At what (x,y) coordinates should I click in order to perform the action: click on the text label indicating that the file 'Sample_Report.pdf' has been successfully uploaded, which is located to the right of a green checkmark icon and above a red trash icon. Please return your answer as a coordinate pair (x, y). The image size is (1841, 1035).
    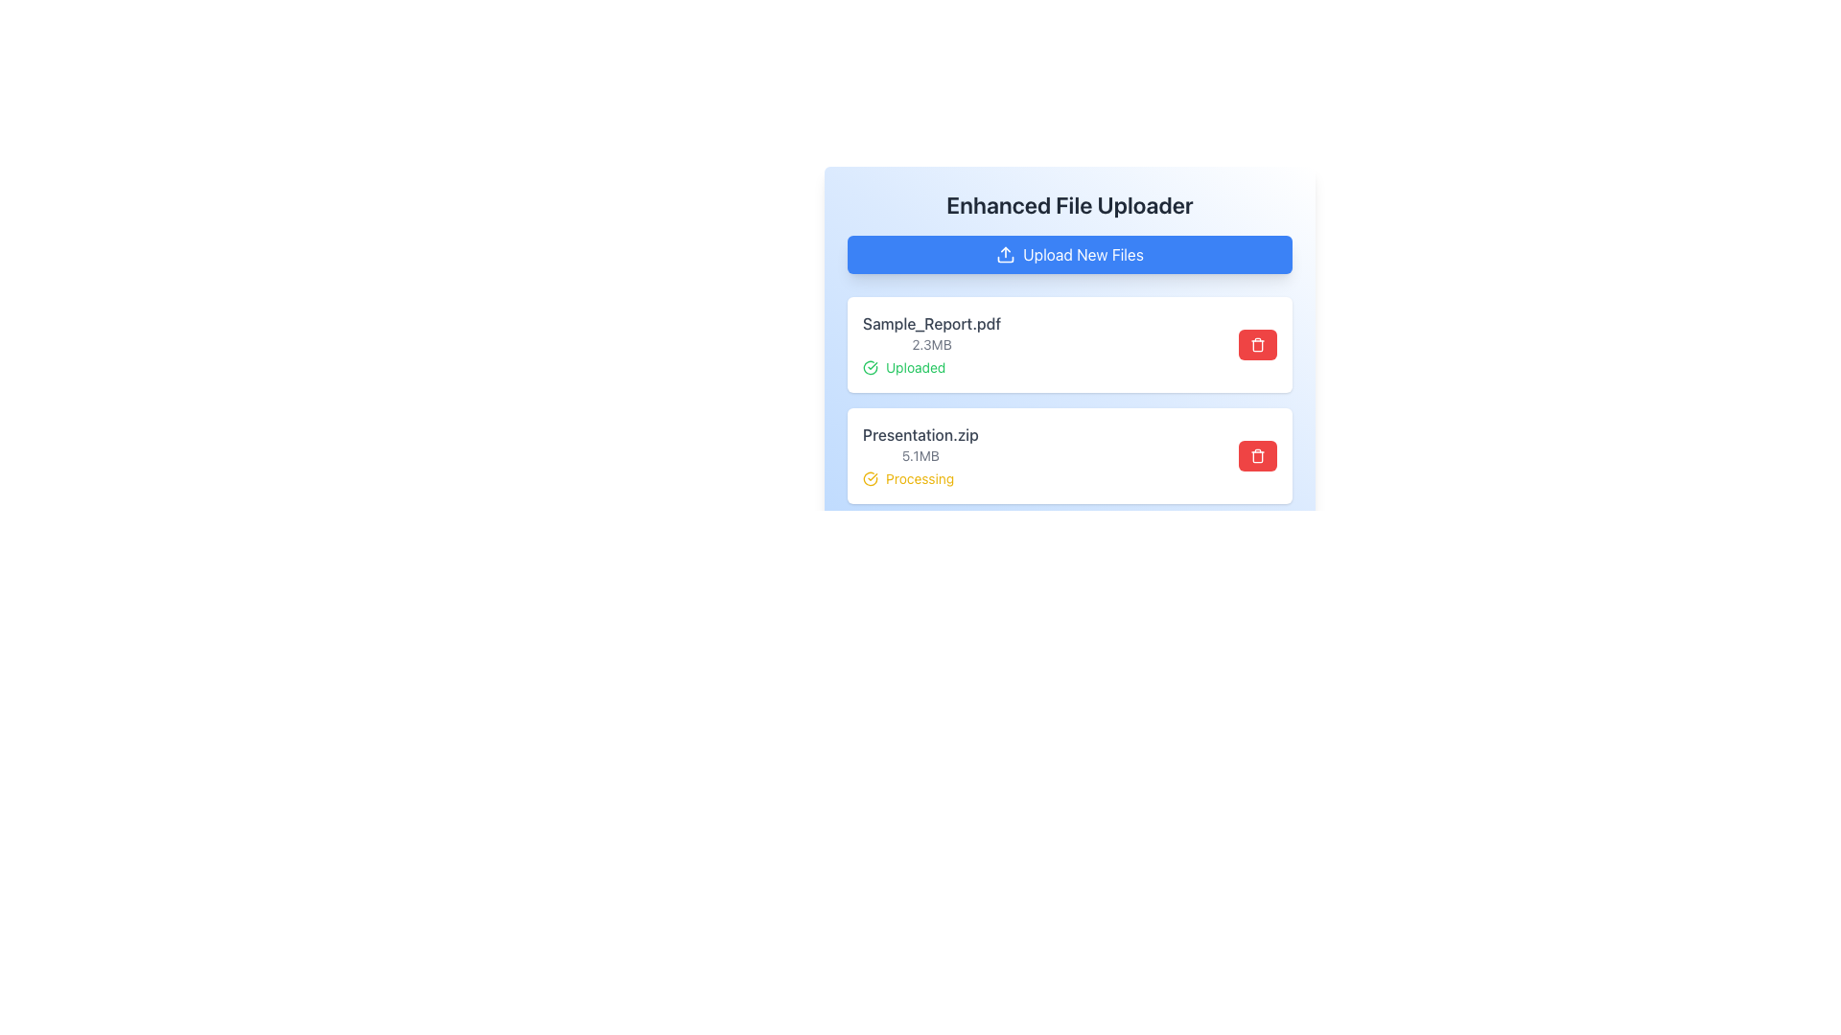
    Looking at the image, I should click on (915, 368).